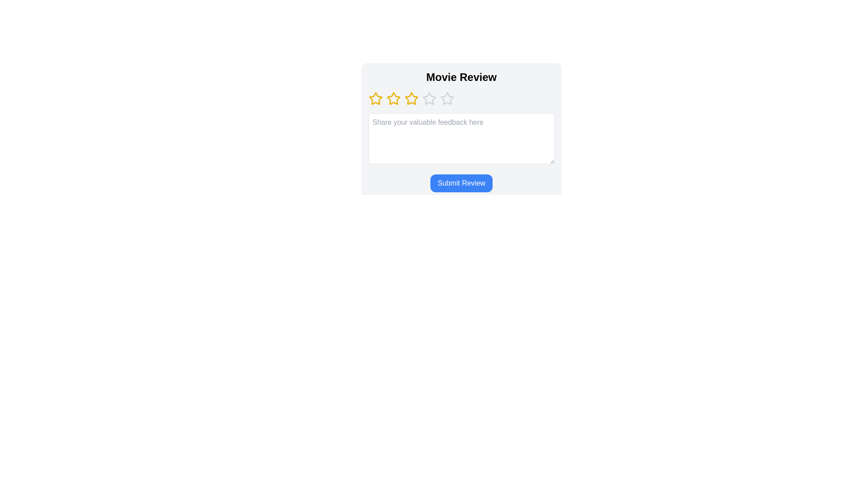 The height and width of the screenshot is (483, 859). Describe the element at coordinates (461, 138) in the screenshot. I see `the text area and type the feedback text 'Great movie!'` at that location.